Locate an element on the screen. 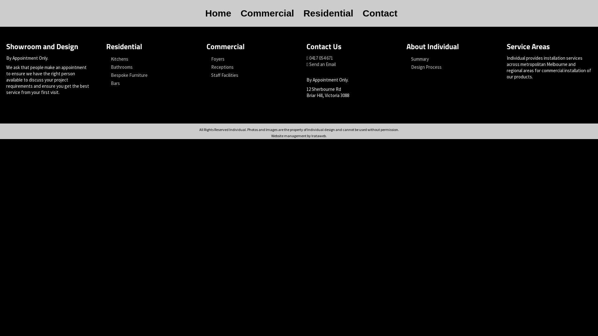  'Send an Email' is located at coordinates (322, 64).